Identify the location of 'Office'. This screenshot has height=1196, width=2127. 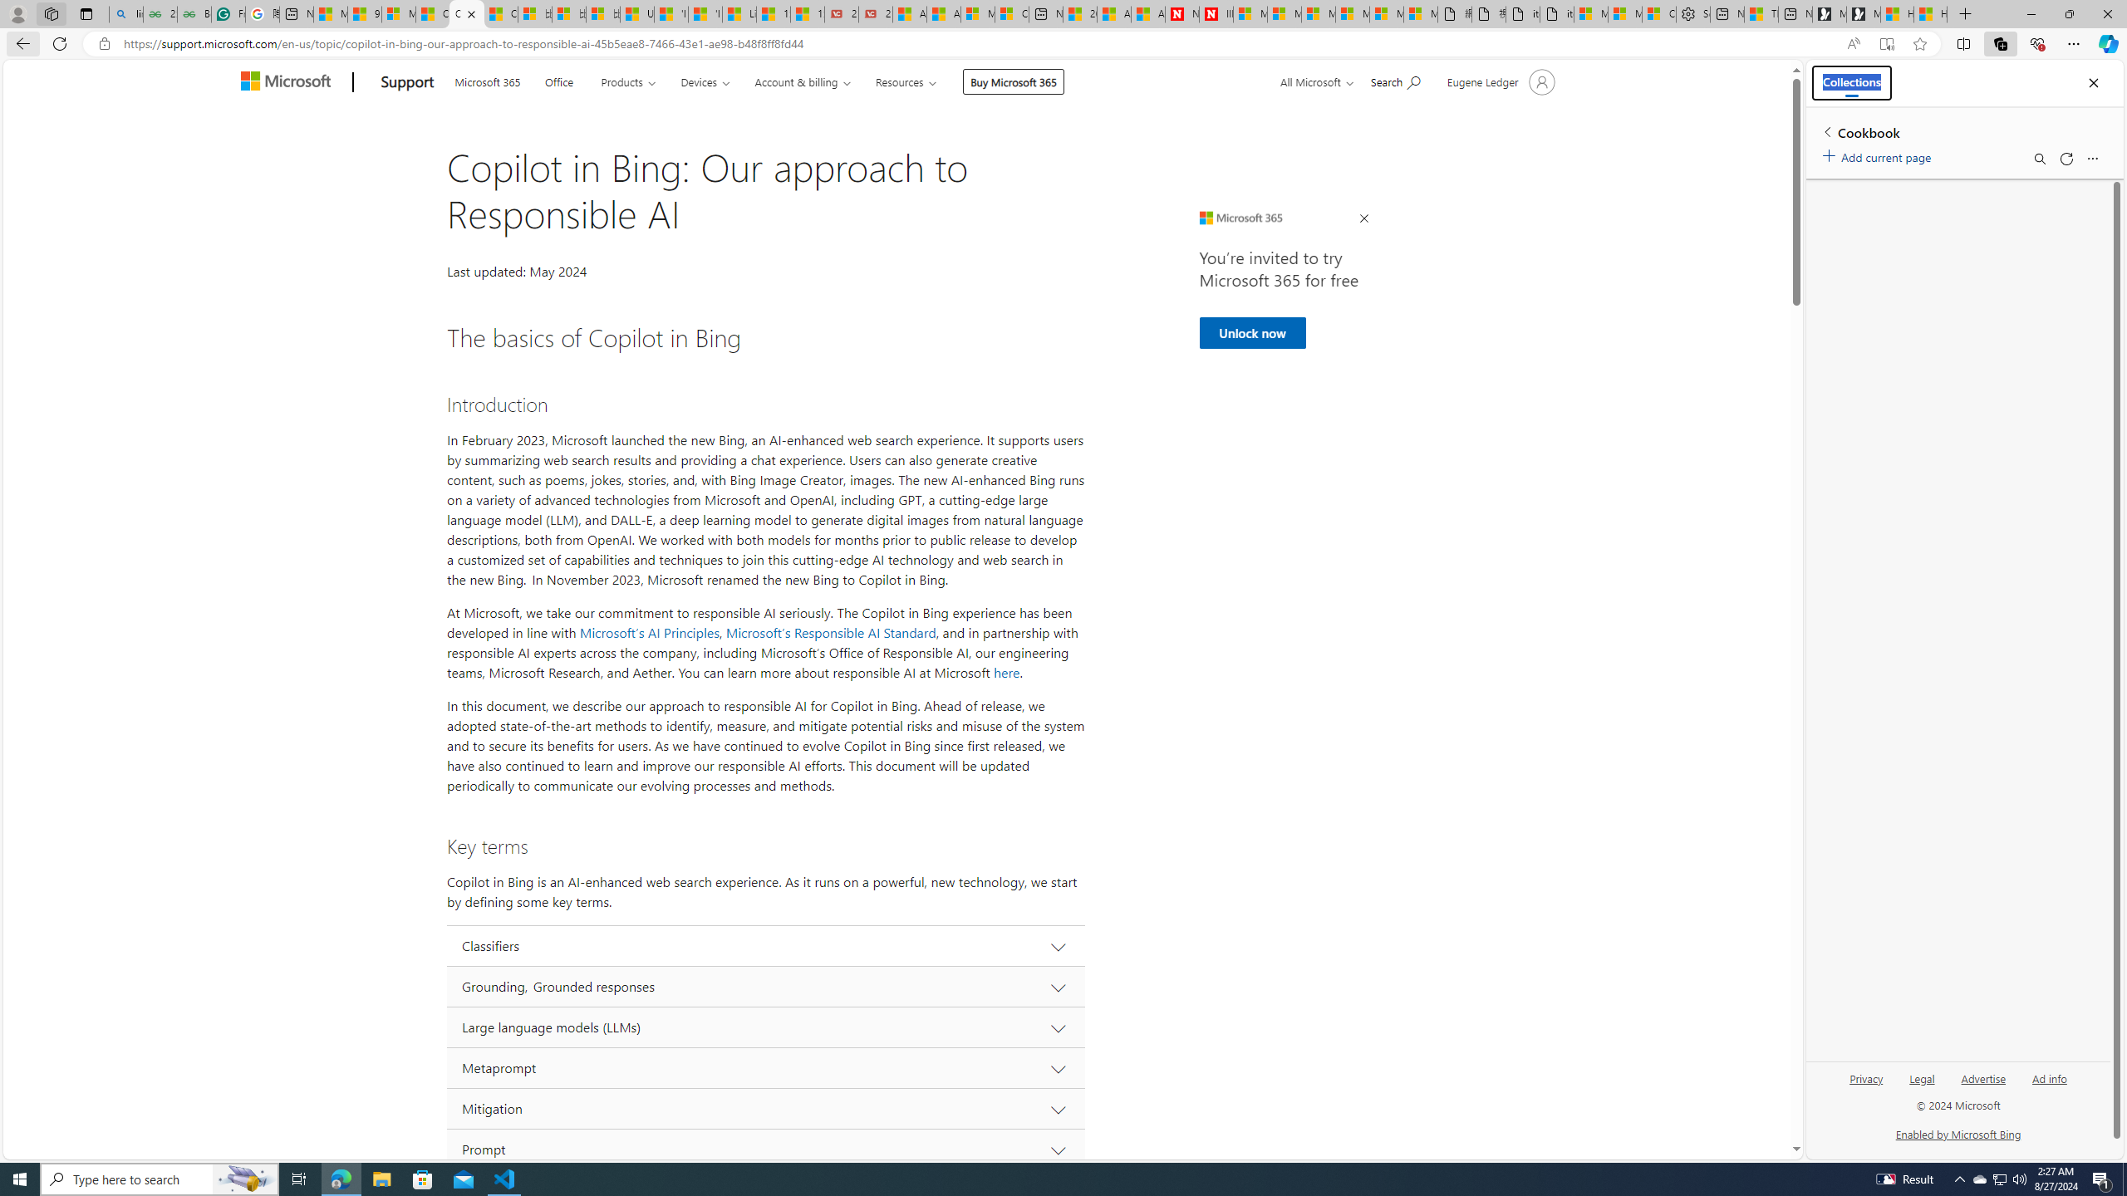
(558, 80).